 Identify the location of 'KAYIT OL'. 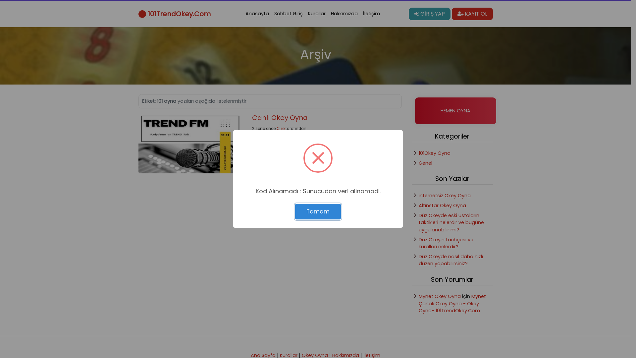
(451, 14).